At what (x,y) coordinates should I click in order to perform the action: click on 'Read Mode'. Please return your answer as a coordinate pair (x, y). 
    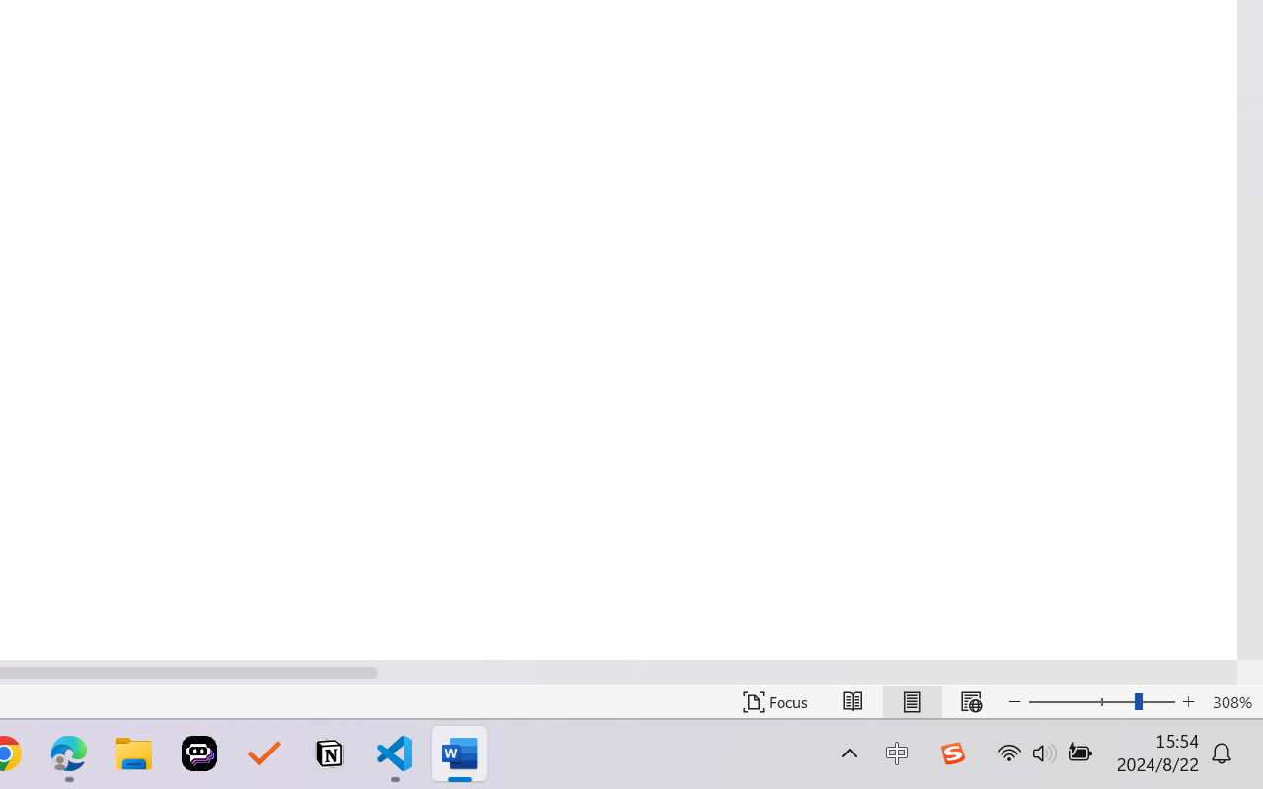
    Looking at the image, I should click on (853, 701).